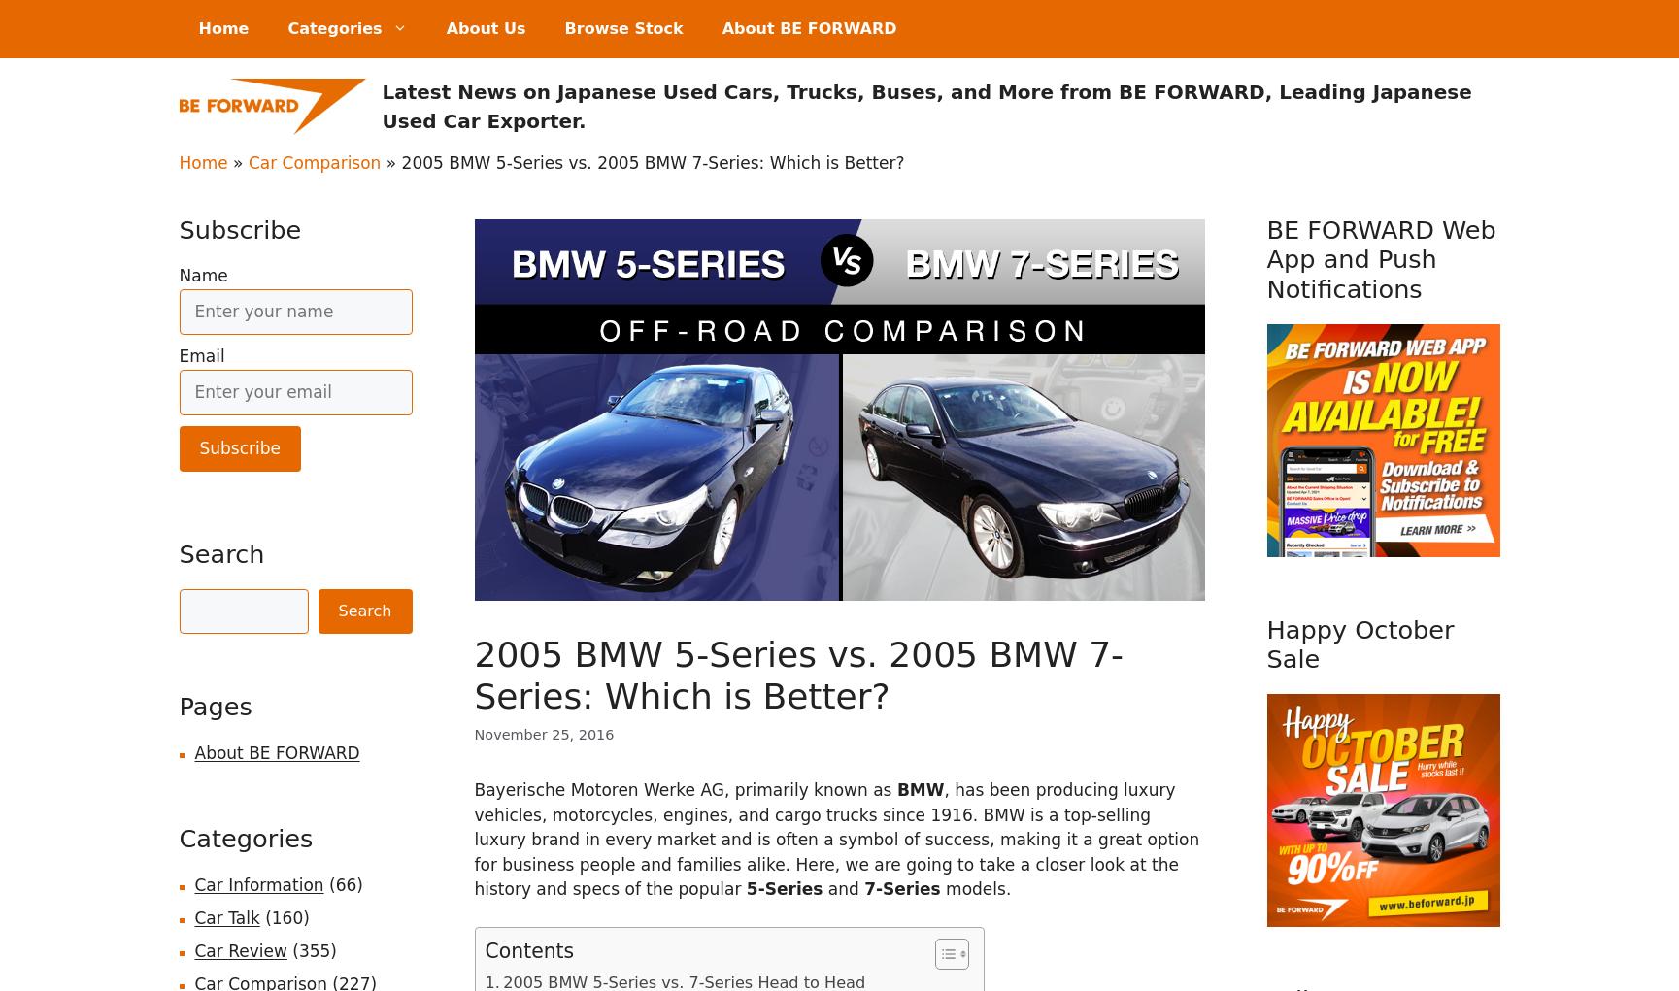 The height and width of the screenshot is (991, 1679). What do you see at coordinates (240, 228) in the screenshot?
I see `'Subscribe'` at bounding box center [240, 228].